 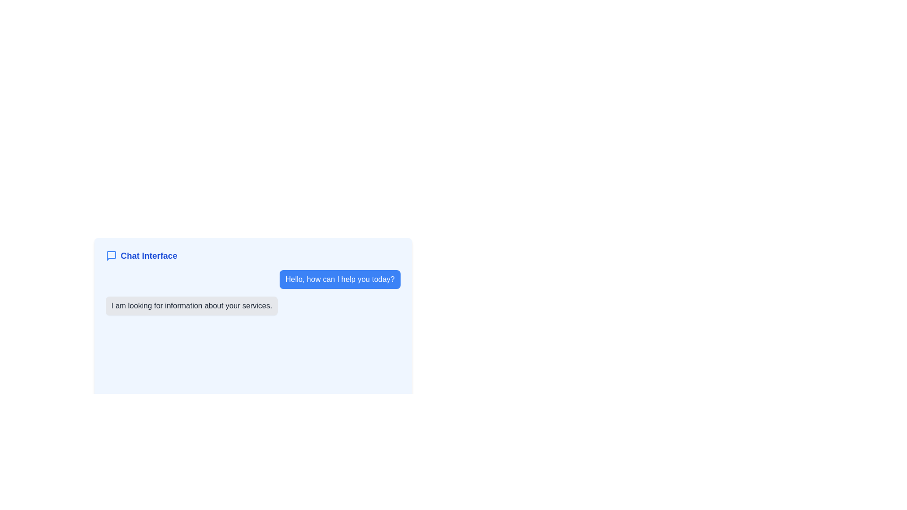 I want to click on the messaging icon located on the left side of the header section of the chat interface, positioned before the text 'Chat Interface', so click(x=111, y=256).